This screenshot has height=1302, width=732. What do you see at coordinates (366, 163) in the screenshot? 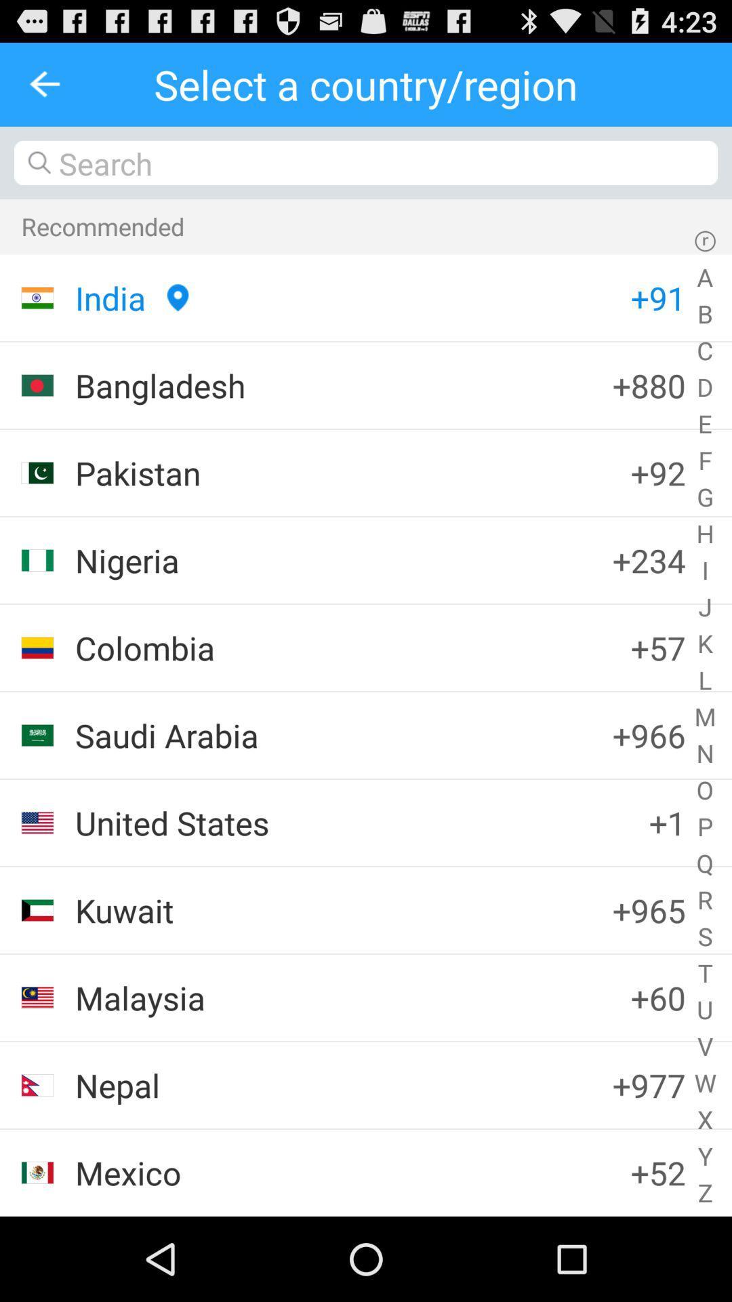
I see `website search field look for a country or region` at bounding box center [366, 163].